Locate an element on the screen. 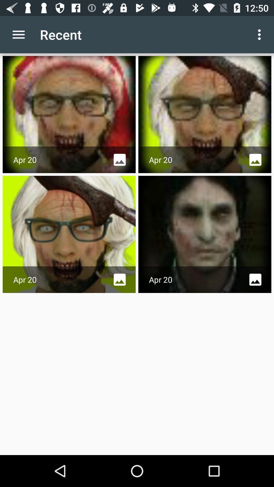 The width and height of the screenshot is (274, 487). the first image which is located at right corner is located at coordinates (204, 114).